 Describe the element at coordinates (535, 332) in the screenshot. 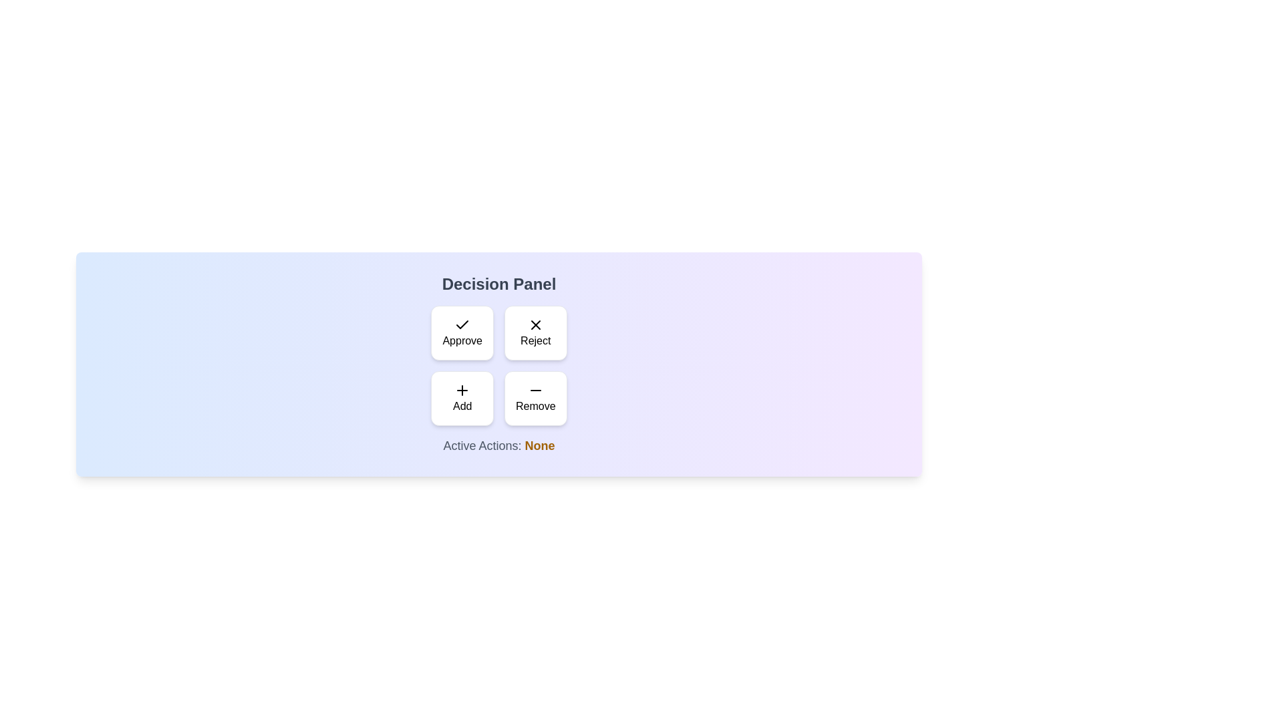

I see `the 'Reject' button to toggle its selection` at that location.